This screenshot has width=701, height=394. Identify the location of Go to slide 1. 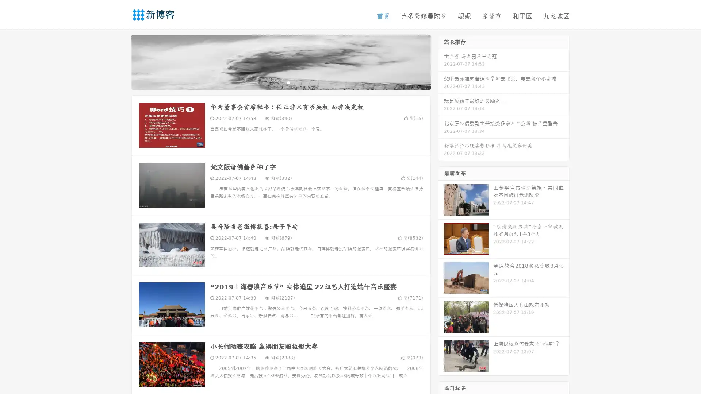
(273, 82).